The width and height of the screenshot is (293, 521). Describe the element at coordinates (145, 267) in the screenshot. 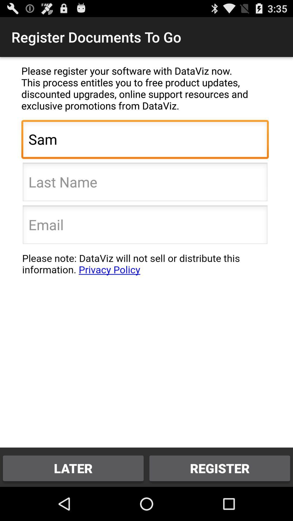

I see `respect your privacy` at that location.